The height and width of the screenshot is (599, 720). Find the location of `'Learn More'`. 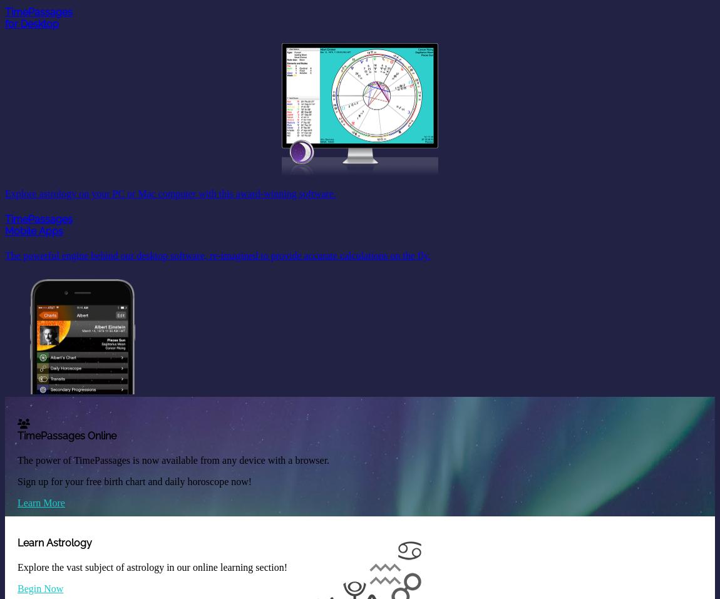

'Learn More' is located at coordinates (40, 501).